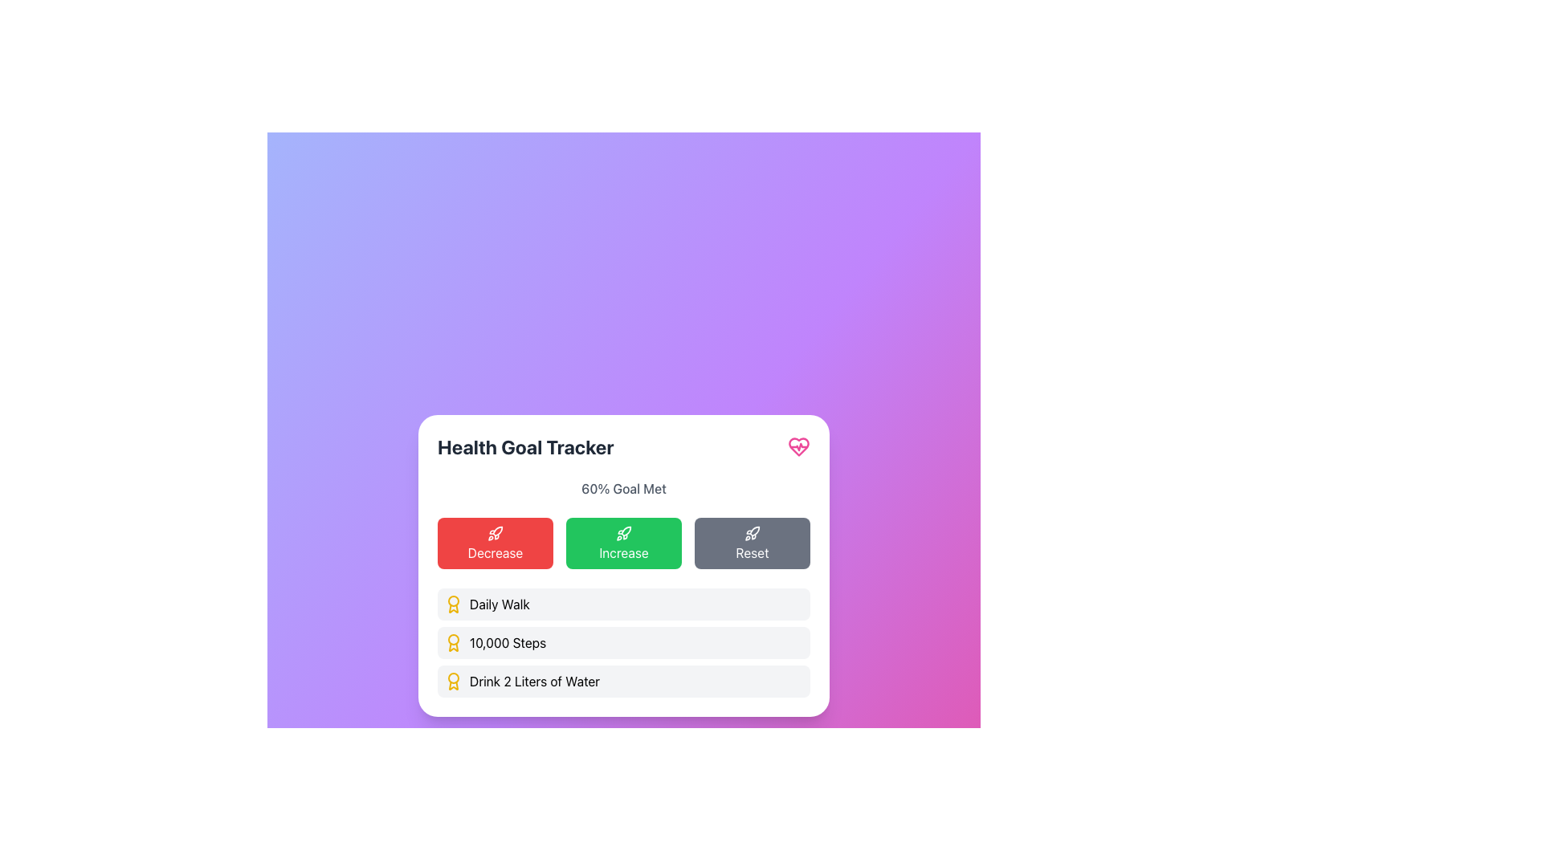 The height and width of the screenshot is (867, 1542). I want to click on the progress bar of the 'Health Goal Tracker' widget, so click(623, 565).